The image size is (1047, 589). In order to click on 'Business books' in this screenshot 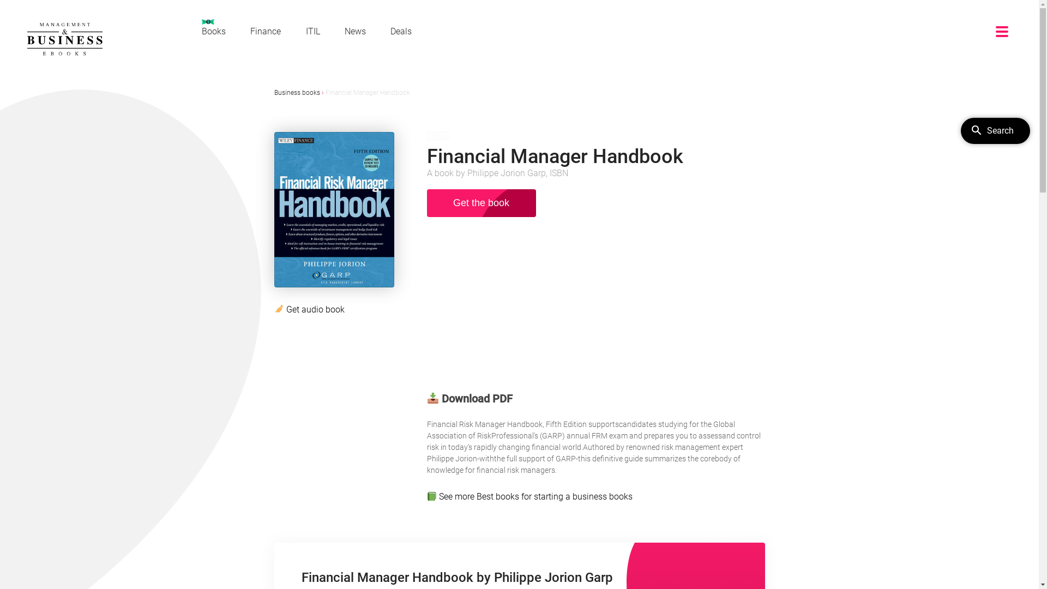, I will do `click(296, 92)`.